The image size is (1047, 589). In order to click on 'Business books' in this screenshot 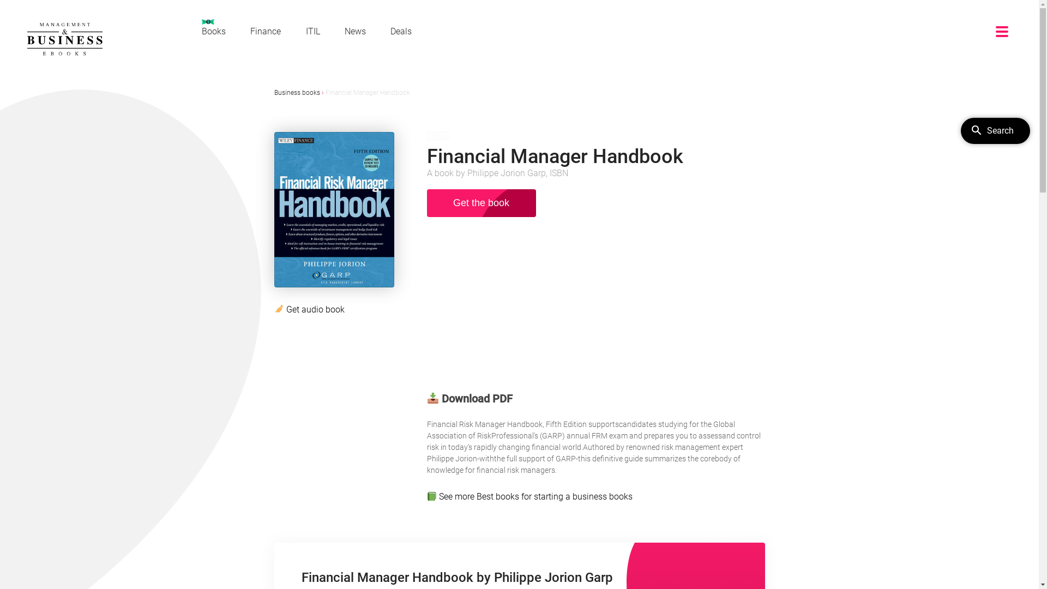, I will do `click(296, 92)`.